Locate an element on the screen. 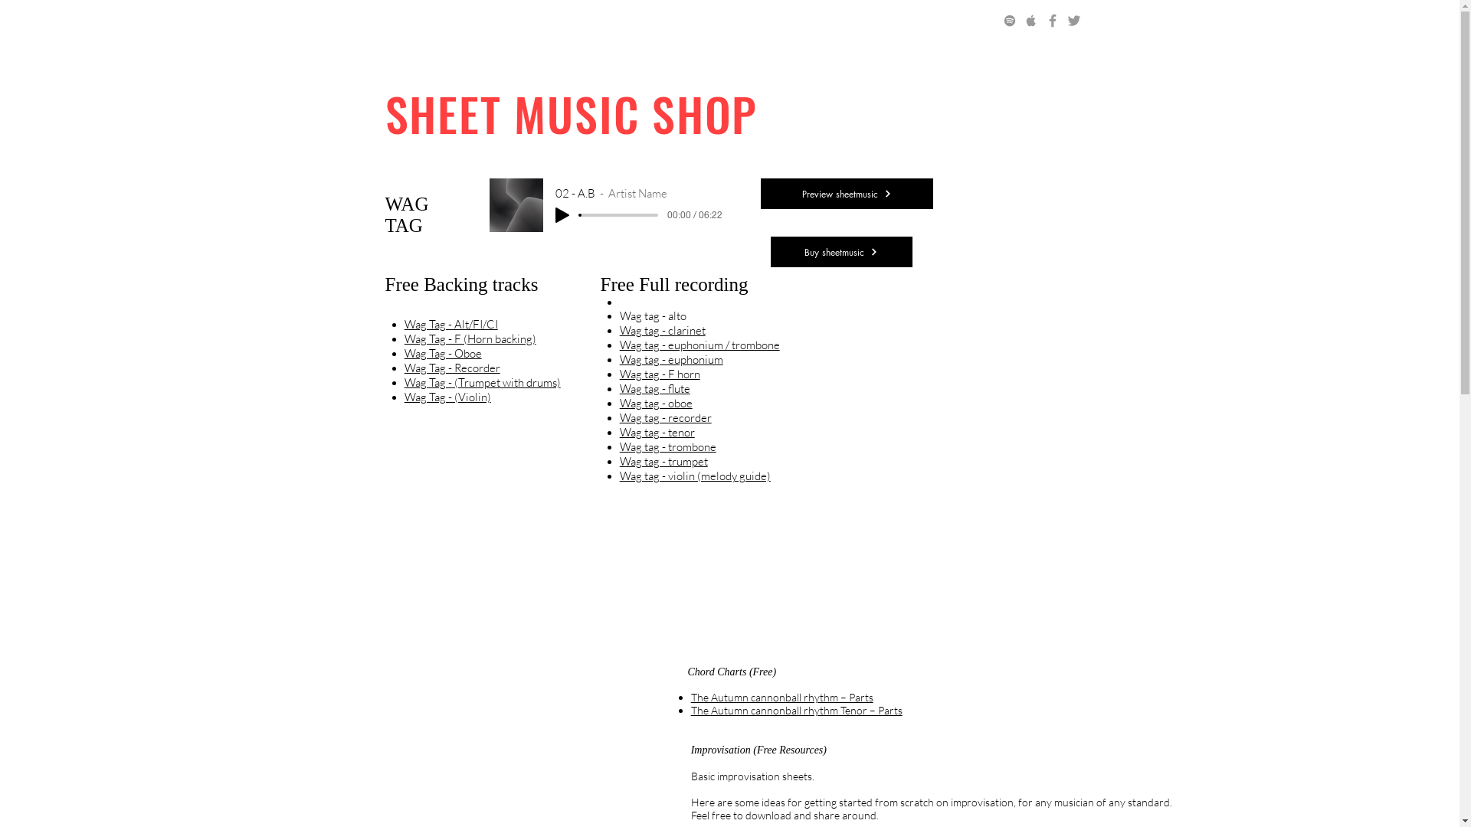 The width and height of the screenshot is (1471, 827). 'Wag tag - clarinet' is located at coordinates (662, 329).